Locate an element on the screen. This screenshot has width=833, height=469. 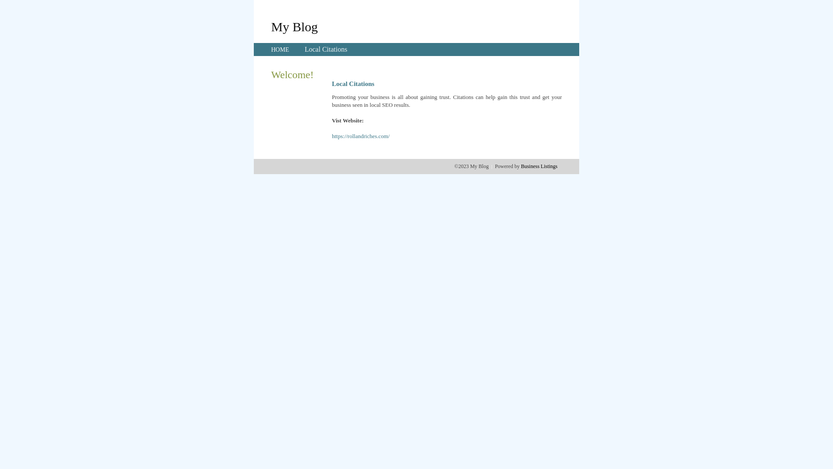
'My Blog' is located at coordinates (294, 26).